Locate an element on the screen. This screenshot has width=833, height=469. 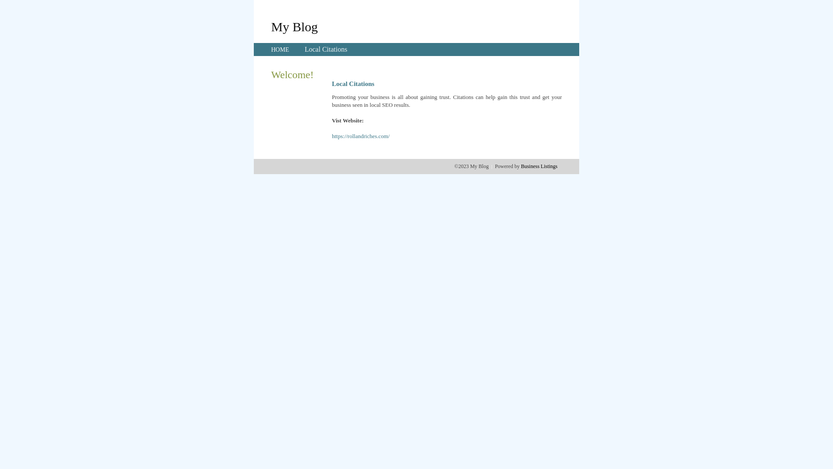
'My Blog' is located at coordinates (294, 26).